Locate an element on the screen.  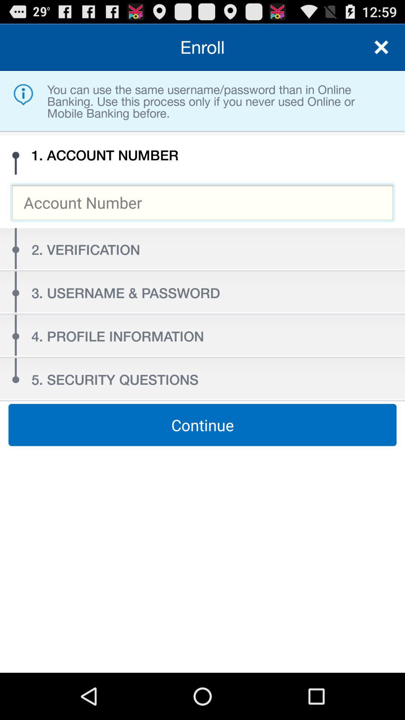
the icon above 2. verification is located at coordinates (202, 202).